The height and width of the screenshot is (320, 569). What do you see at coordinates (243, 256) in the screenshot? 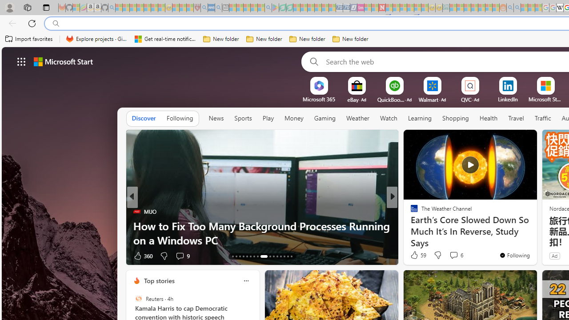
I see `'AutomationID: tab-16'` at bounding box center [243, 256].